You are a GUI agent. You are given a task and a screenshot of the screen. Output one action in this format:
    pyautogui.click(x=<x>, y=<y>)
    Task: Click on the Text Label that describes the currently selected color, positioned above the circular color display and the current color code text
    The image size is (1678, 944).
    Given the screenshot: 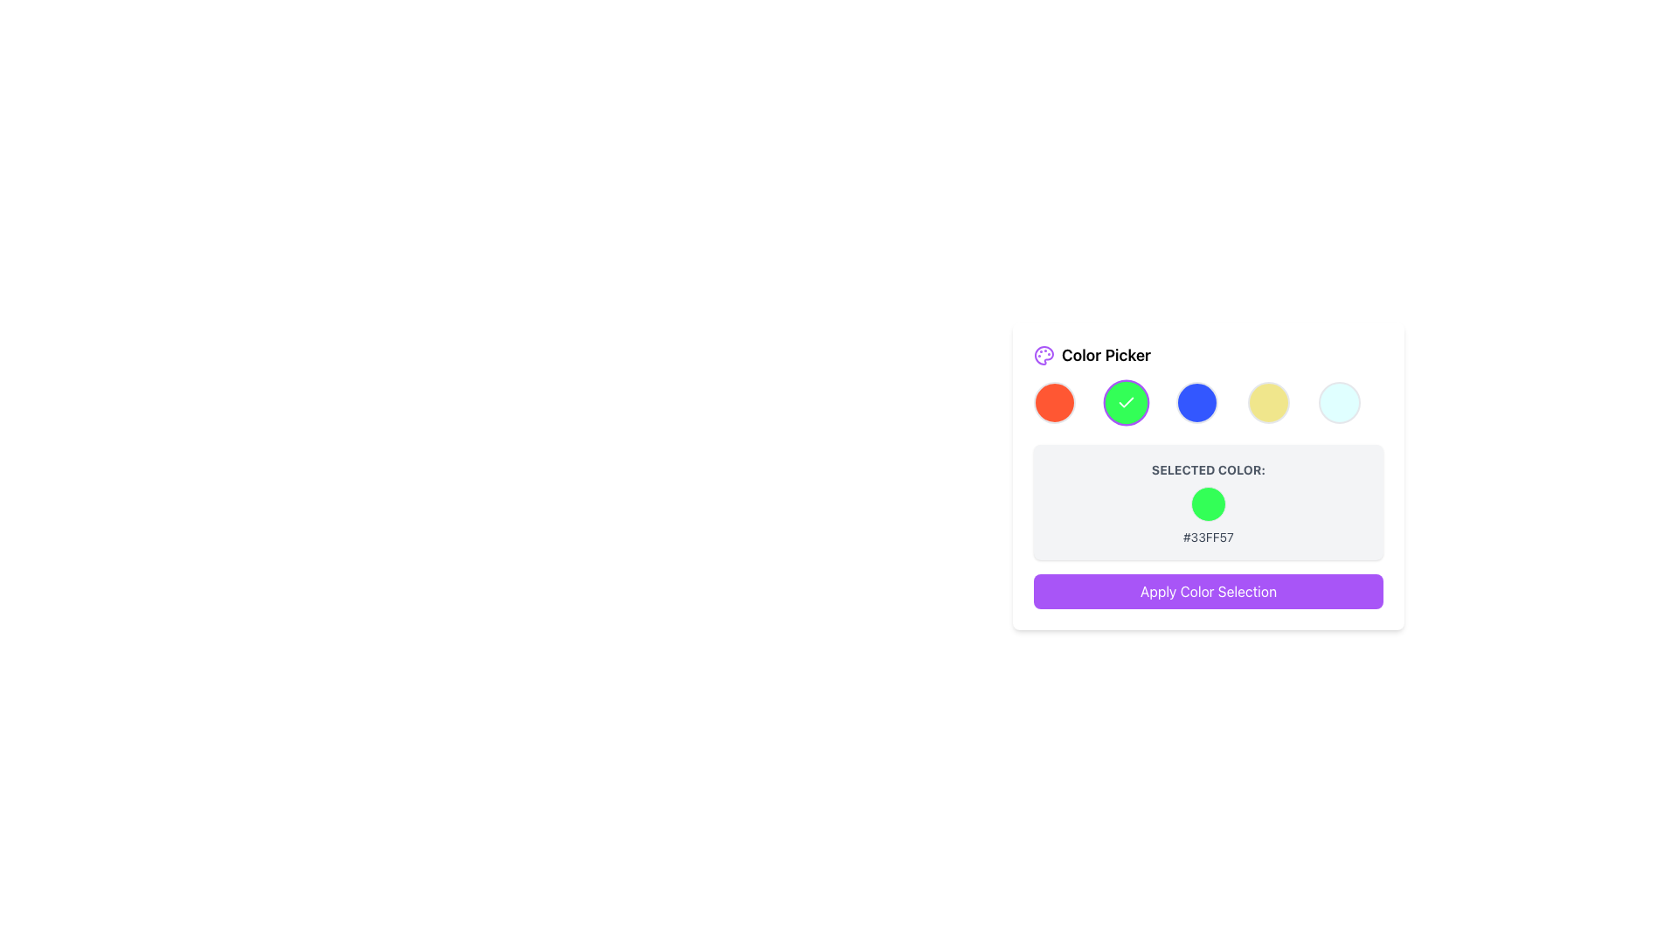 What is the action you would take?
    pyautogui.click(x=1207, y=469)
    